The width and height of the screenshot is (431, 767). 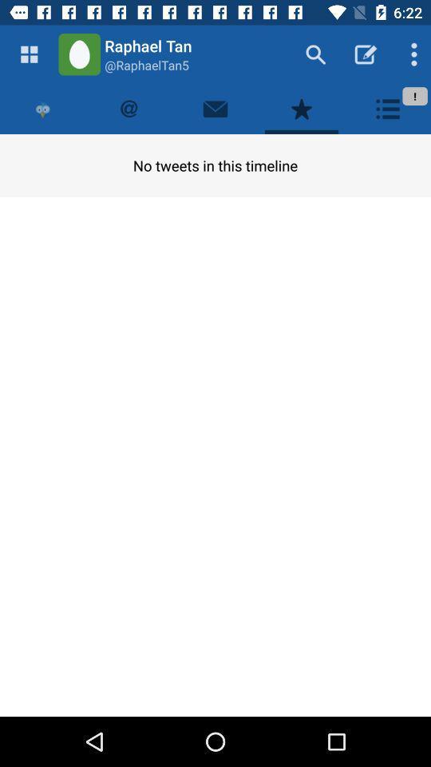 What do you see at coordinates (387, 108) in the screenshot?
I see `icon above the no tweets in` at bounding box center [387, 108].